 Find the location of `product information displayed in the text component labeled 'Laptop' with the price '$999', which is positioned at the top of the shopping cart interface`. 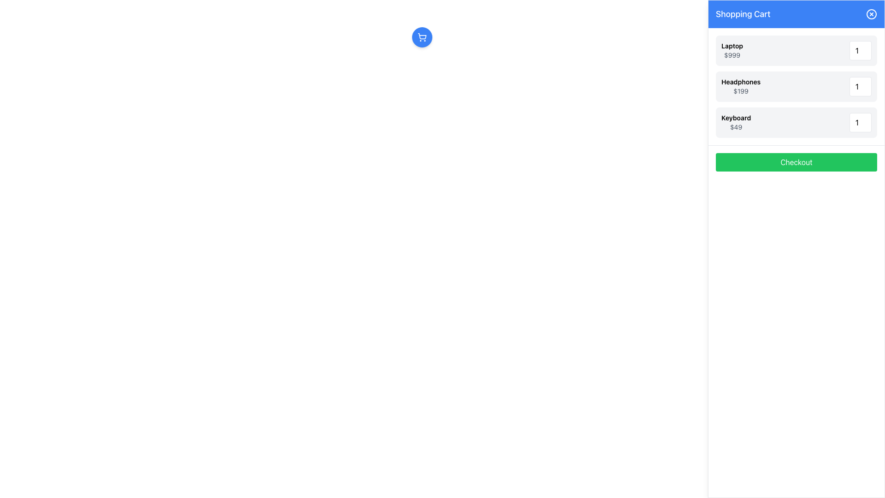

product information displayed in the text component labeled 'Laptop' with the price '$999', which is positioned at the top of the shopping cart interface is located at coordinates (732, 51).